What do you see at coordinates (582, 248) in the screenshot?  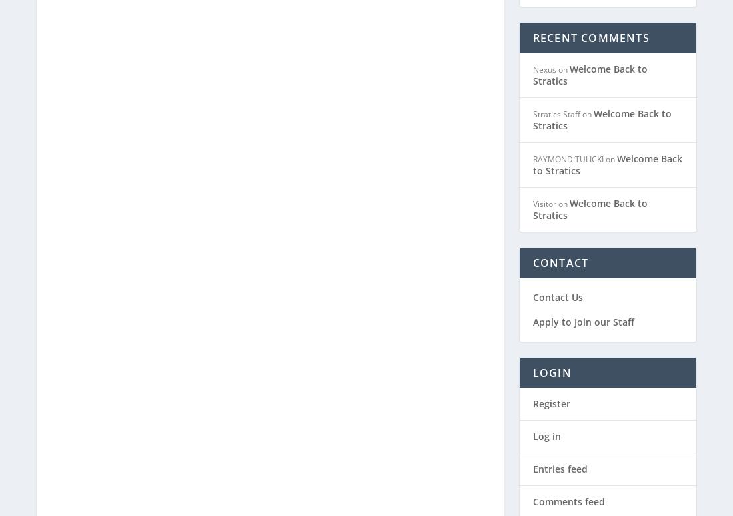 I see `'Apply to Join our Staff'` at bounding box center [582, 248].